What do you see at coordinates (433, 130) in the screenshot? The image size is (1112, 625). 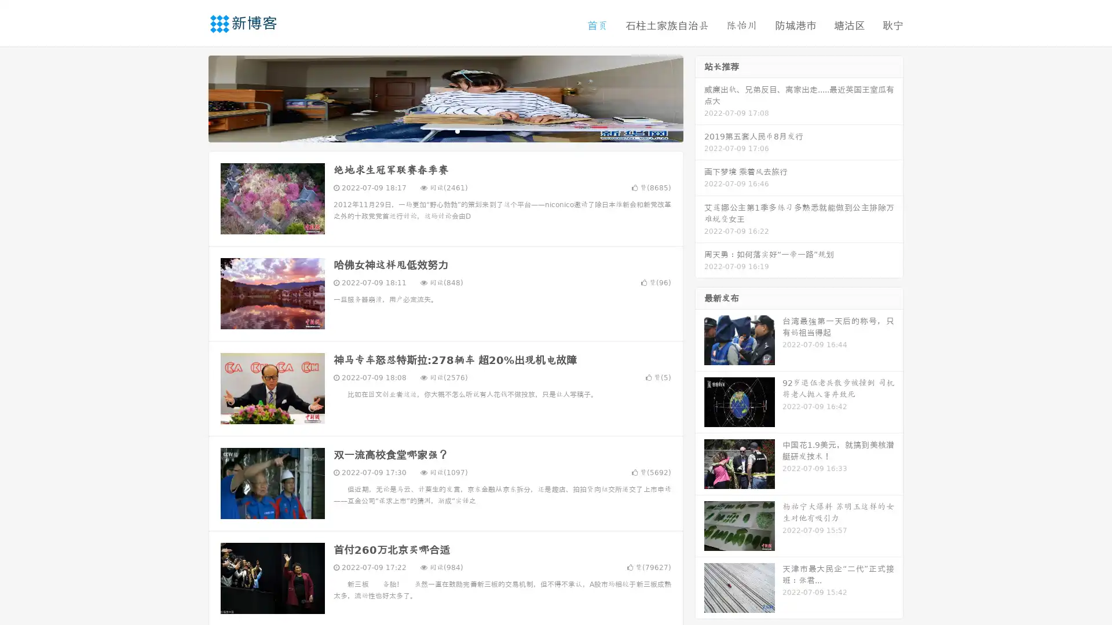 I see `Go to slide 1` at bounding box center [433, 130].